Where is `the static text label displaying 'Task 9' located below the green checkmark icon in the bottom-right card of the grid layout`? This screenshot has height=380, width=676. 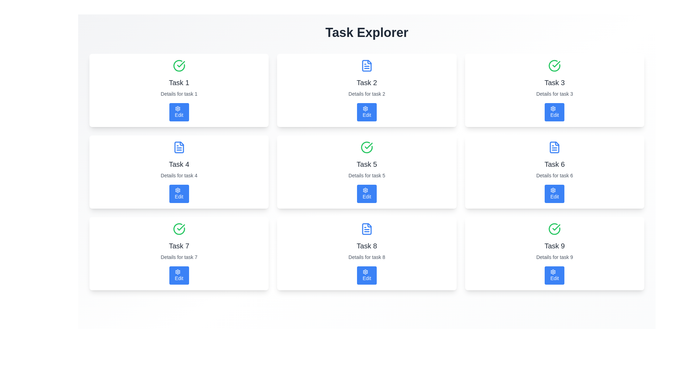 the static text label displaying 'Task 9' located below the green checkmark icon in the bottom-right card of the grid layout is located at coordinates (554, 245).